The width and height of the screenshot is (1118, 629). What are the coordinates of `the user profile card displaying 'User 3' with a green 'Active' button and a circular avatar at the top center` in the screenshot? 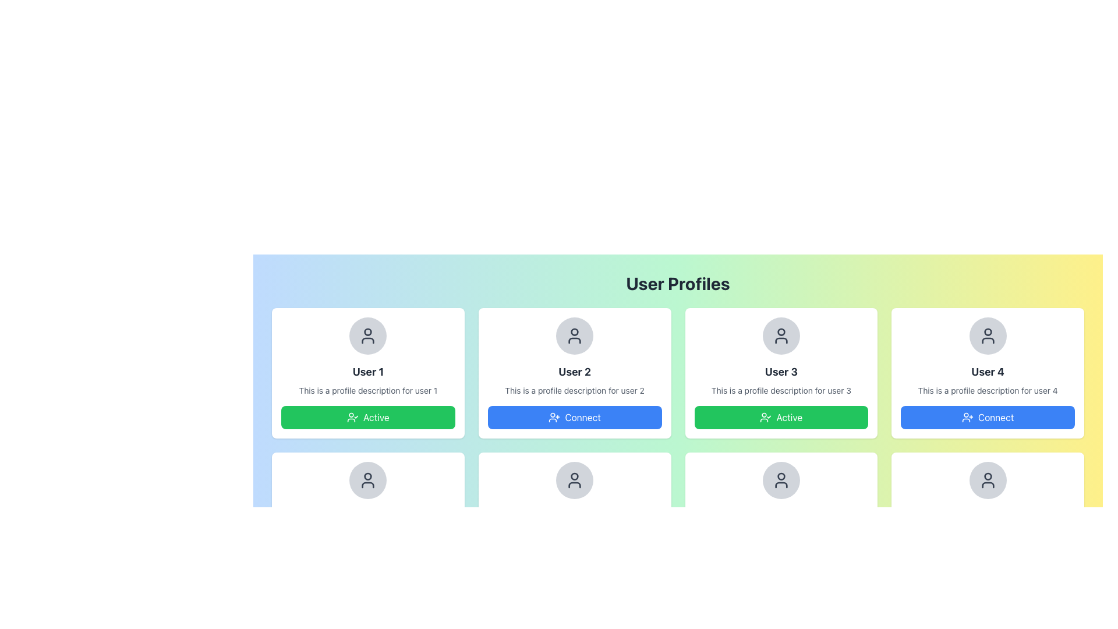 It's located at (781, 373).